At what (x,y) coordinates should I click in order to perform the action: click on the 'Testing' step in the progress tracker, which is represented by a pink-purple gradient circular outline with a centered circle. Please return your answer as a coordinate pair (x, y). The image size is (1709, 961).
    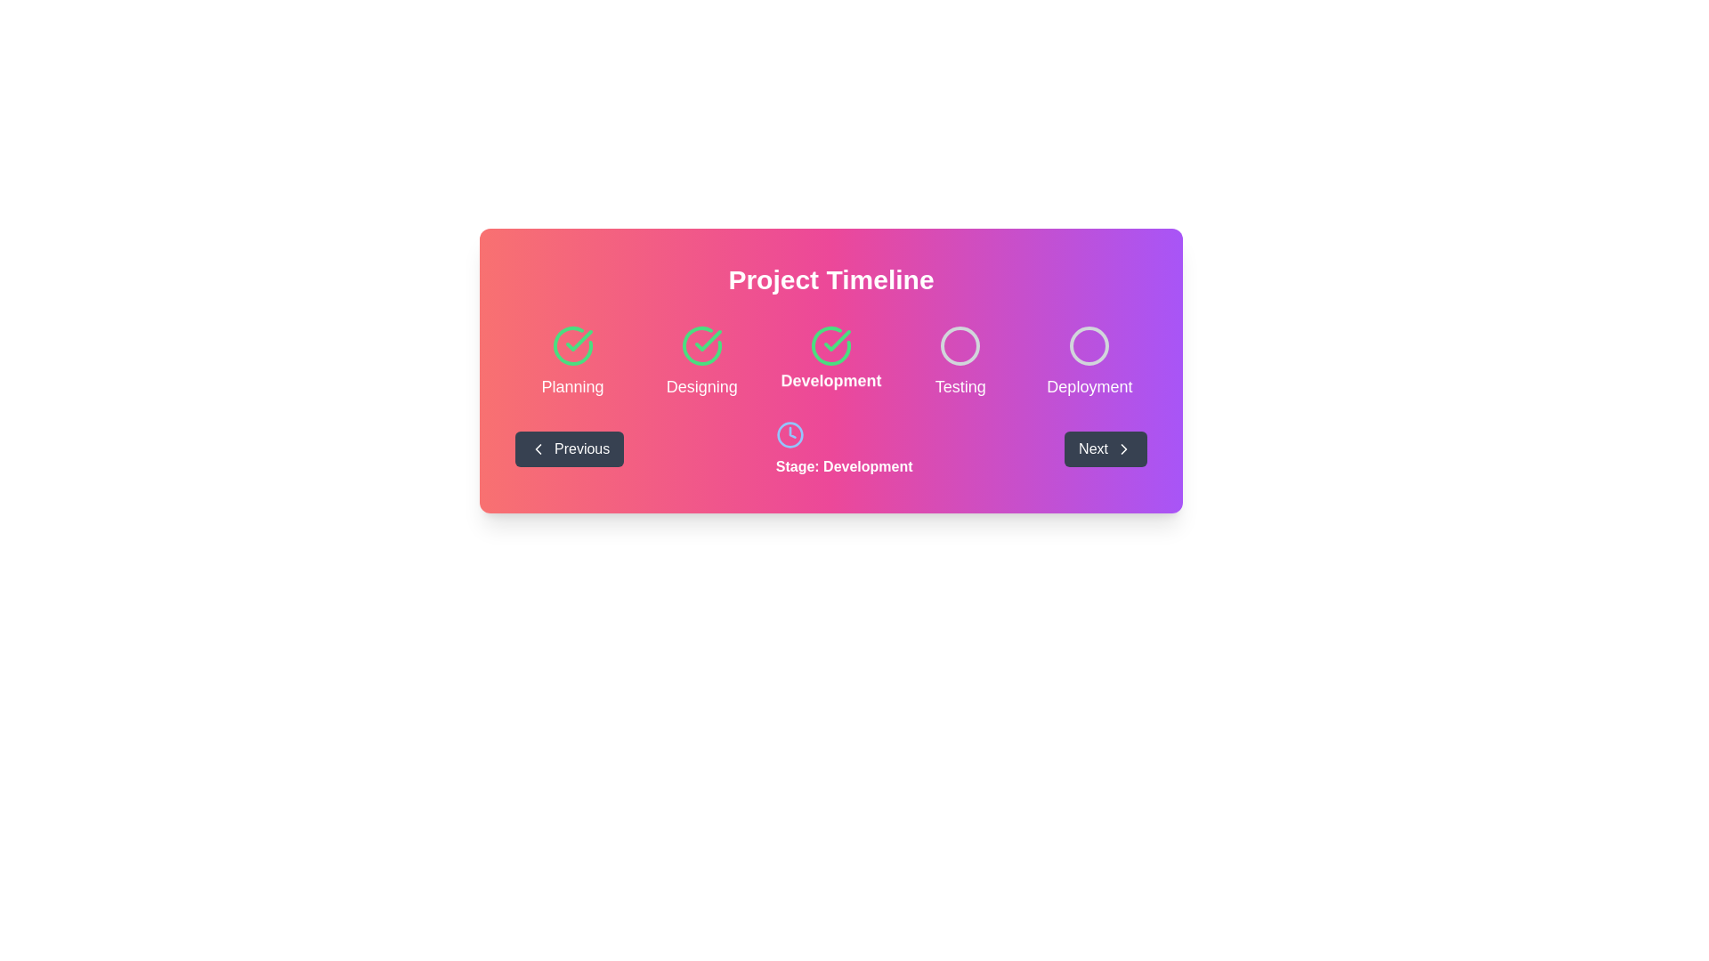
    Looking at the image, I should click on (960, 346).